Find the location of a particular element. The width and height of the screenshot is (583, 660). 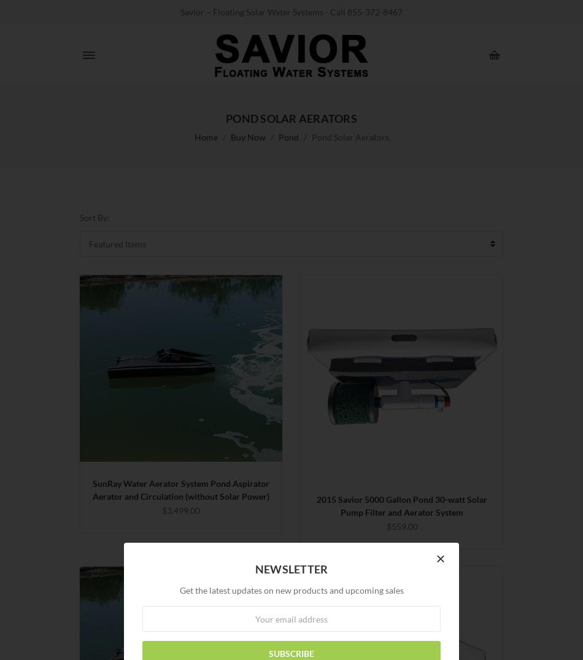

'Newsletter' is located at coordinates (253, 568).